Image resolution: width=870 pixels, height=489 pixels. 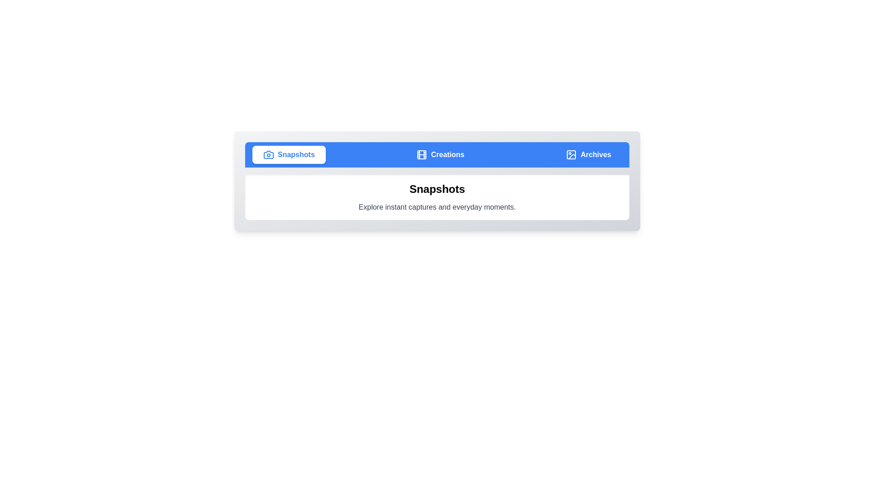 What do you see at coordinates (440, 154) in the screenshot?
I see `the Creations tab to select it` at bounding box center [440, 154].